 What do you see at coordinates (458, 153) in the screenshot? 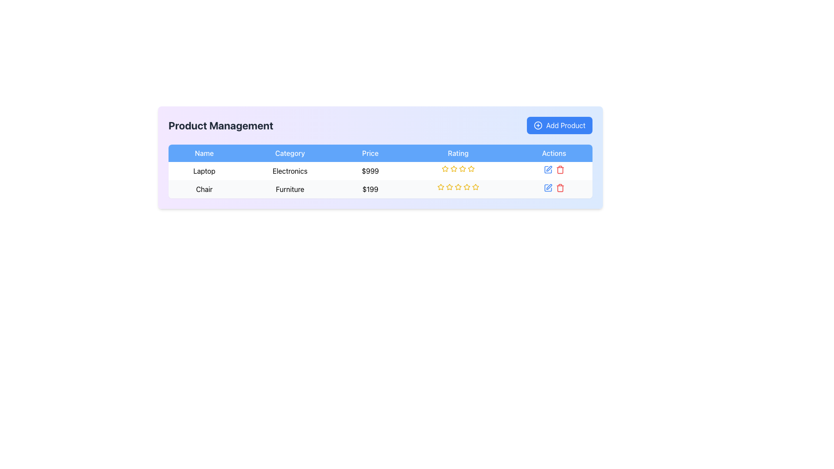
I see `the 'Rating' column header text label, which is the fourth label in the header row of the table, positioned between 'Price' and 'Actions'` at bounding box center [458, 153].